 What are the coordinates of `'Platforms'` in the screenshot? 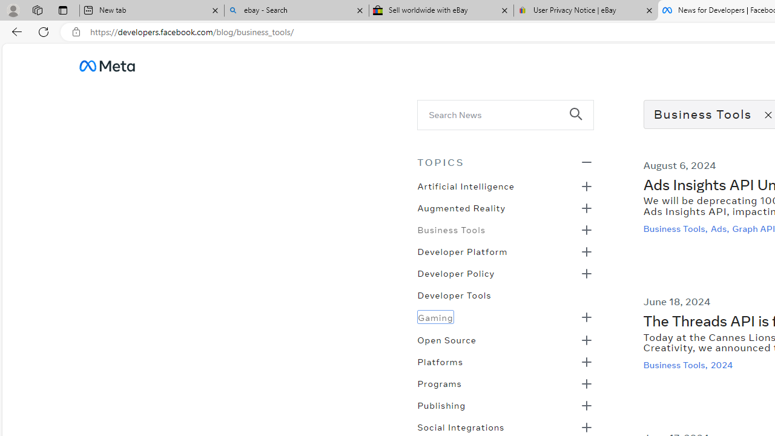 It's located at (440, 360).